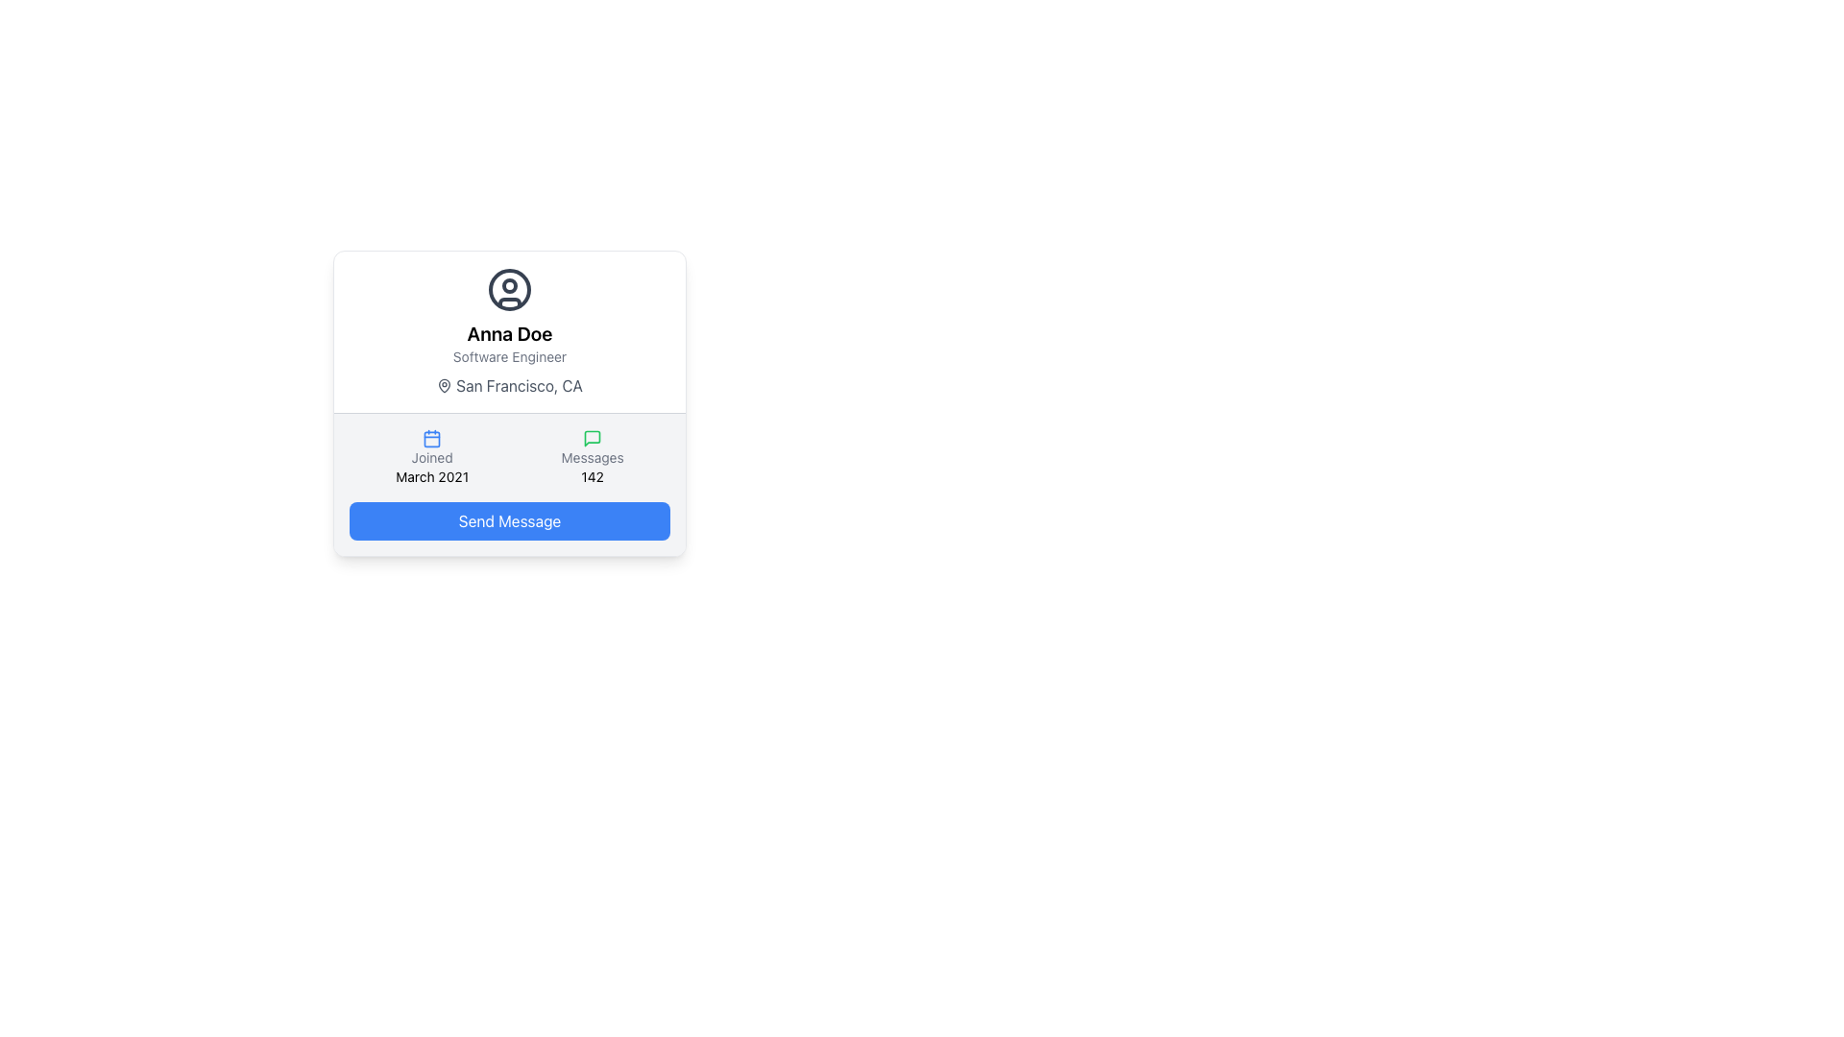  I want to click on text labeled 'Software Engineer' which is styled in a small, gray-colored font and located within a profile card layout, positioned beneath 'Anna Doe' and above 'San Francisco, CA', so click(510, 356).